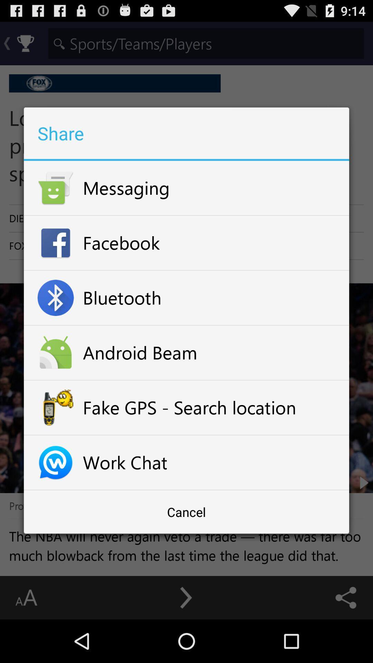 This screenshot has width=373, height=663. Describe the element at coordinates (186, 512) in the screenshot. I see `cancel button` at that location.